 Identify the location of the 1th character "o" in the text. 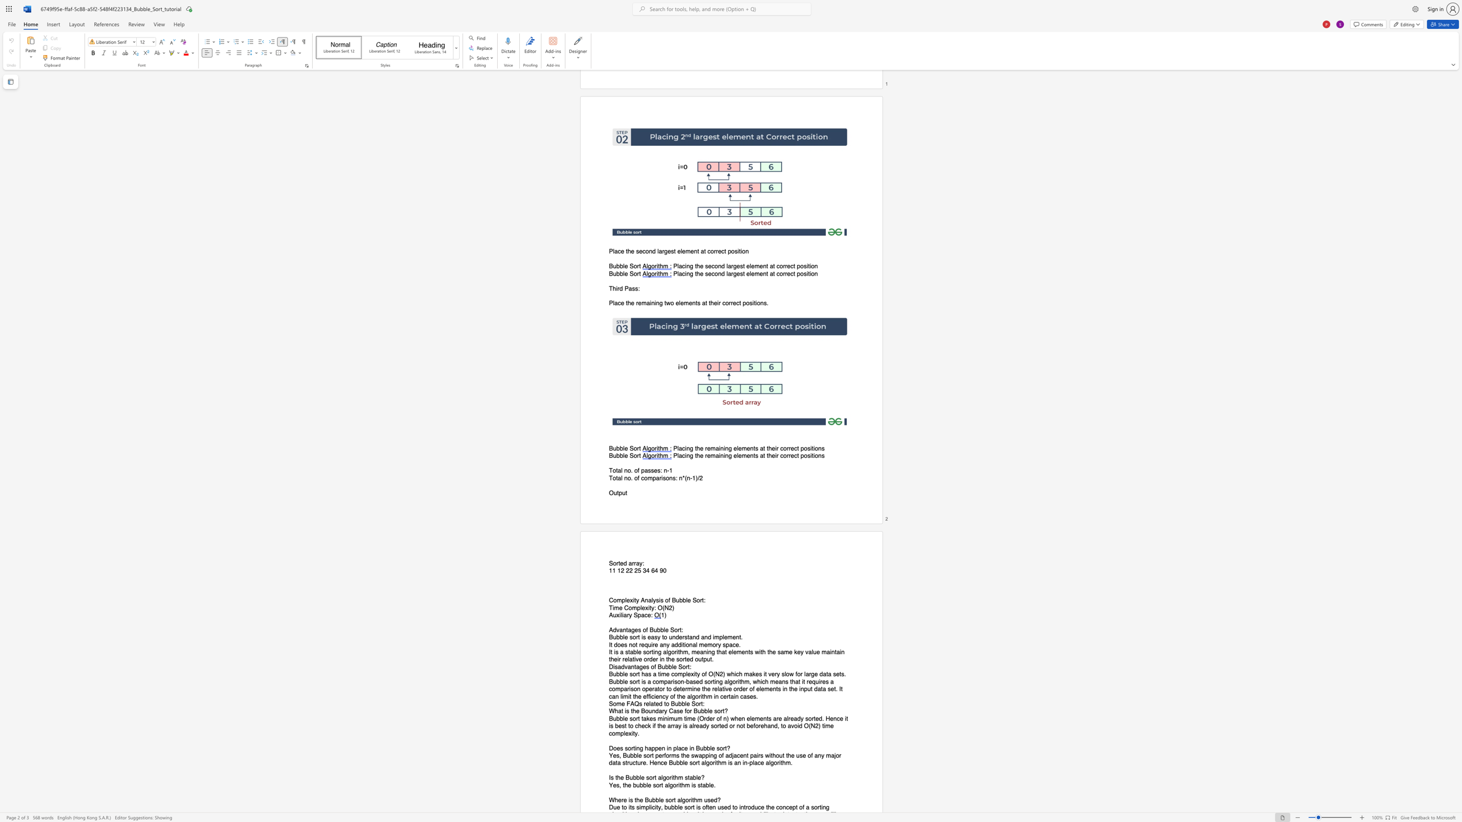
(644, 630).